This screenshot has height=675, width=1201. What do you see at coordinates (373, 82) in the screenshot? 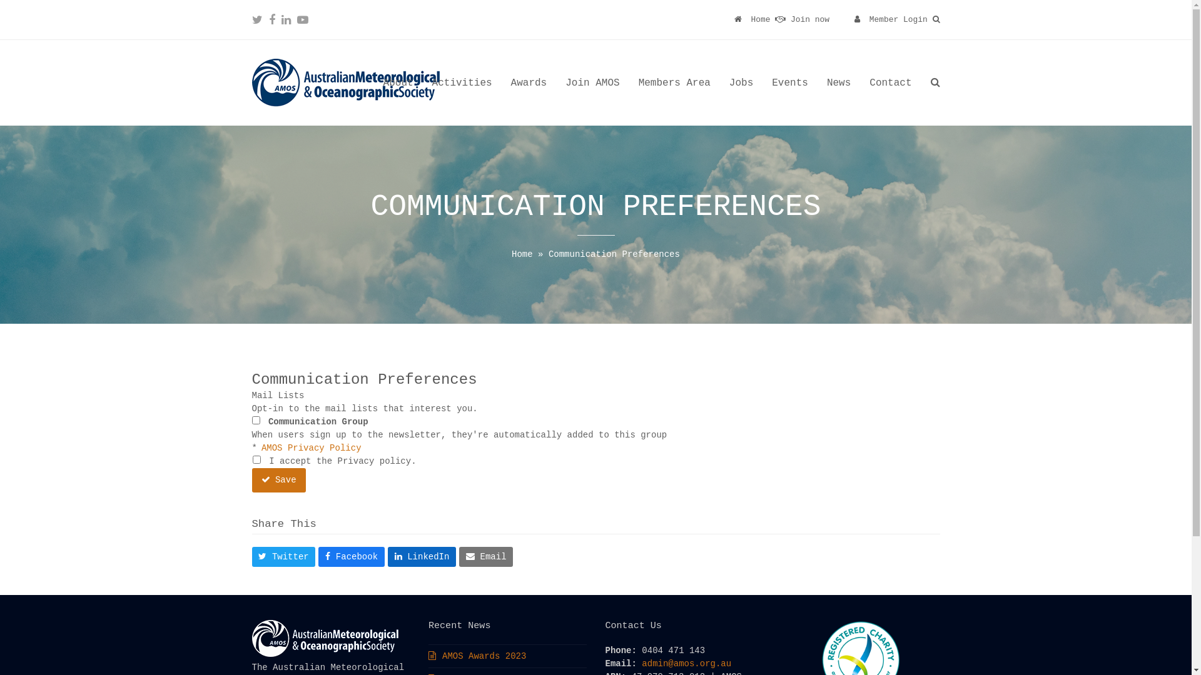
I see `'About'` at bounding box center [373, 82].